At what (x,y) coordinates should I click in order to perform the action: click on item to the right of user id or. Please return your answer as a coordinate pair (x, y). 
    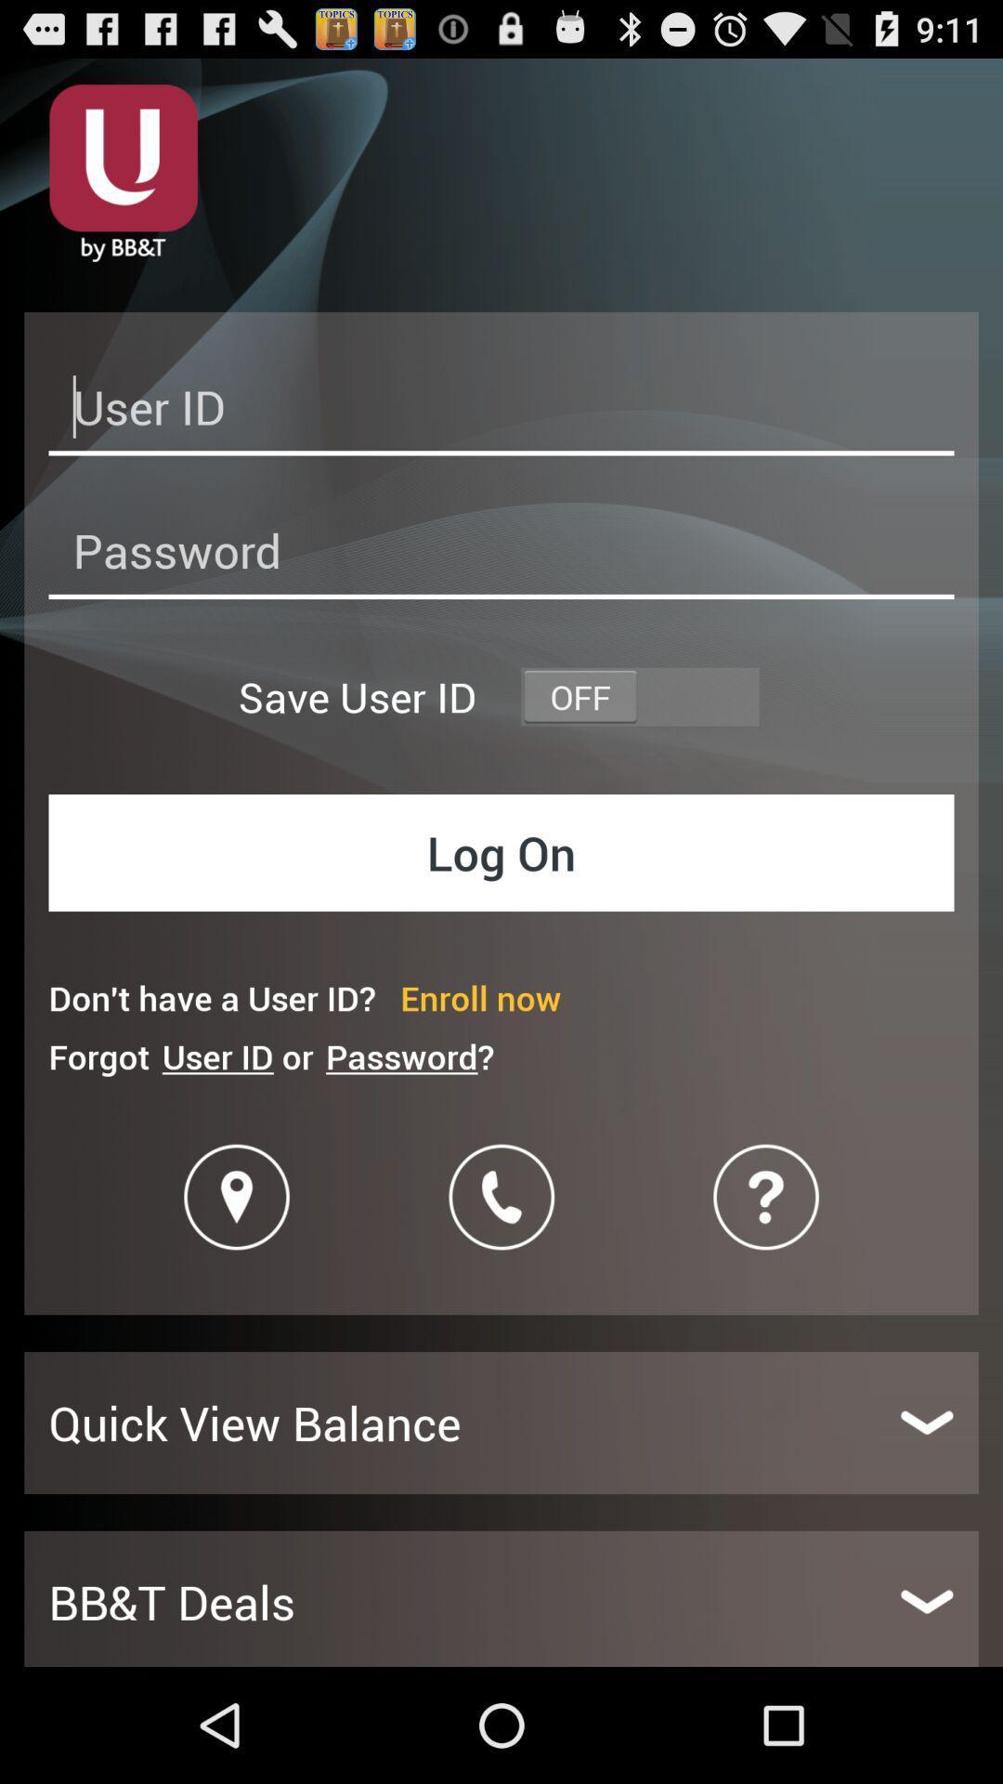
    Looking at the image, I should click on (409, 1056).